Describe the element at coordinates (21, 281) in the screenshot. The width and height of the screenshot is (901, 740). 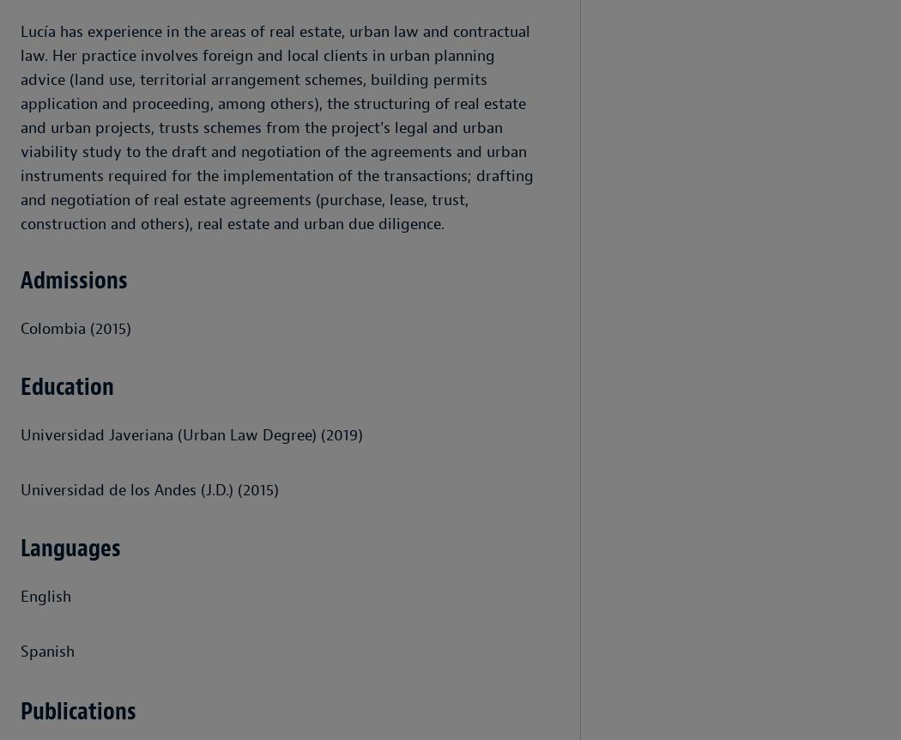
I see `'Admissions'` at that location.